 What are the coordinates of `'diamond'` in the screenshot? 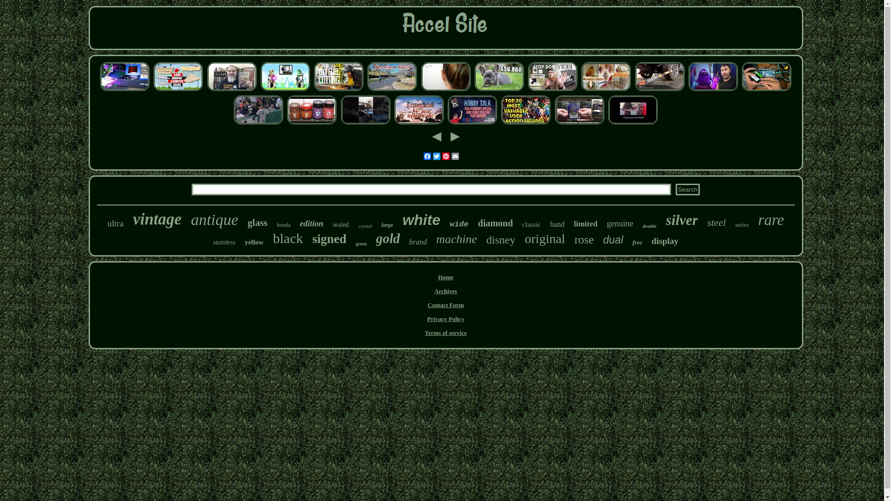 It's located at (495, 223).